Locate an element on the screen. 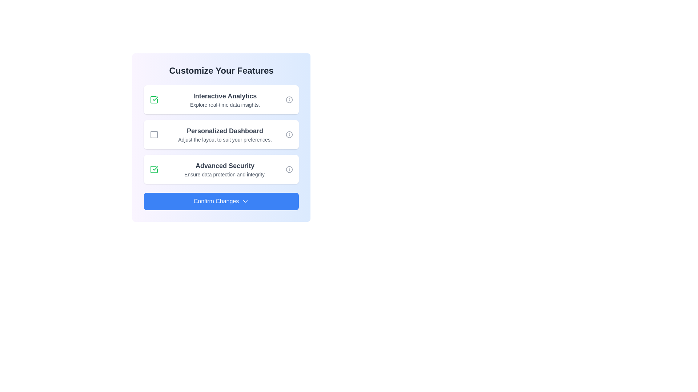 The width and height of the screenshot is (698, 392). descriptive label for the 'Personalized Dashboard' feature, which is located below 'Interactive Analytics' and above 'Advanced Security' in the vertical stack of selectable cards is located at coordinates (225, 134).